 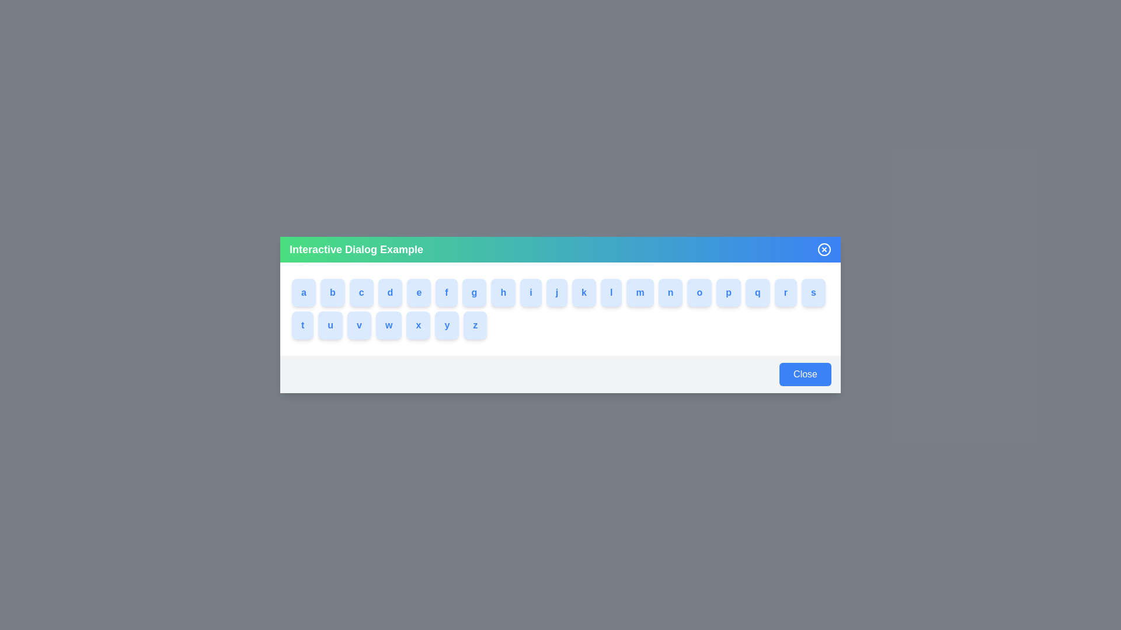 What do you see at coordinates (711, 292) in the screenshot?
I see `the button labeled with o` at bounding box center [711, 292].